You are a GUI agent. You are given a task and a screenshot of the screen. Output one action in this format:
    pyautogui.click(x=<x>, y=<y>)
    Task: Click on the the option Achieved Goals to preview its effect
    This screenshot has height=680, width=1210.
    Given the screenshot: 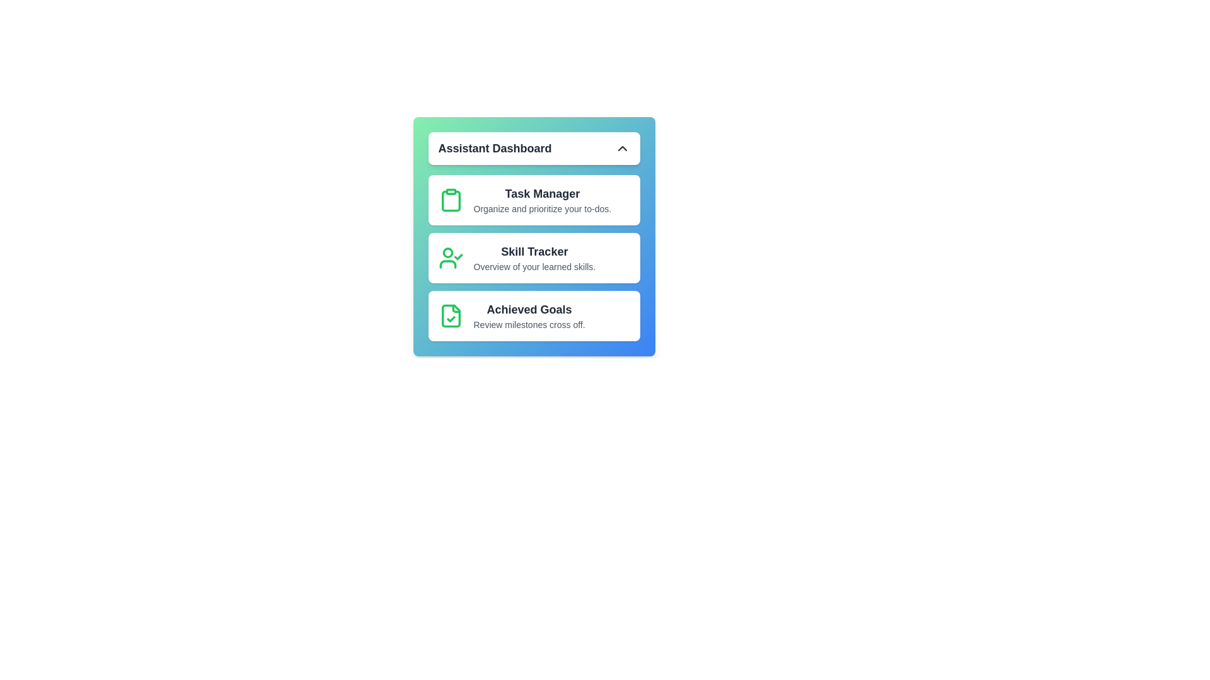 What is the action you would take?
    pyautogui.click(x=534, y=315)
    